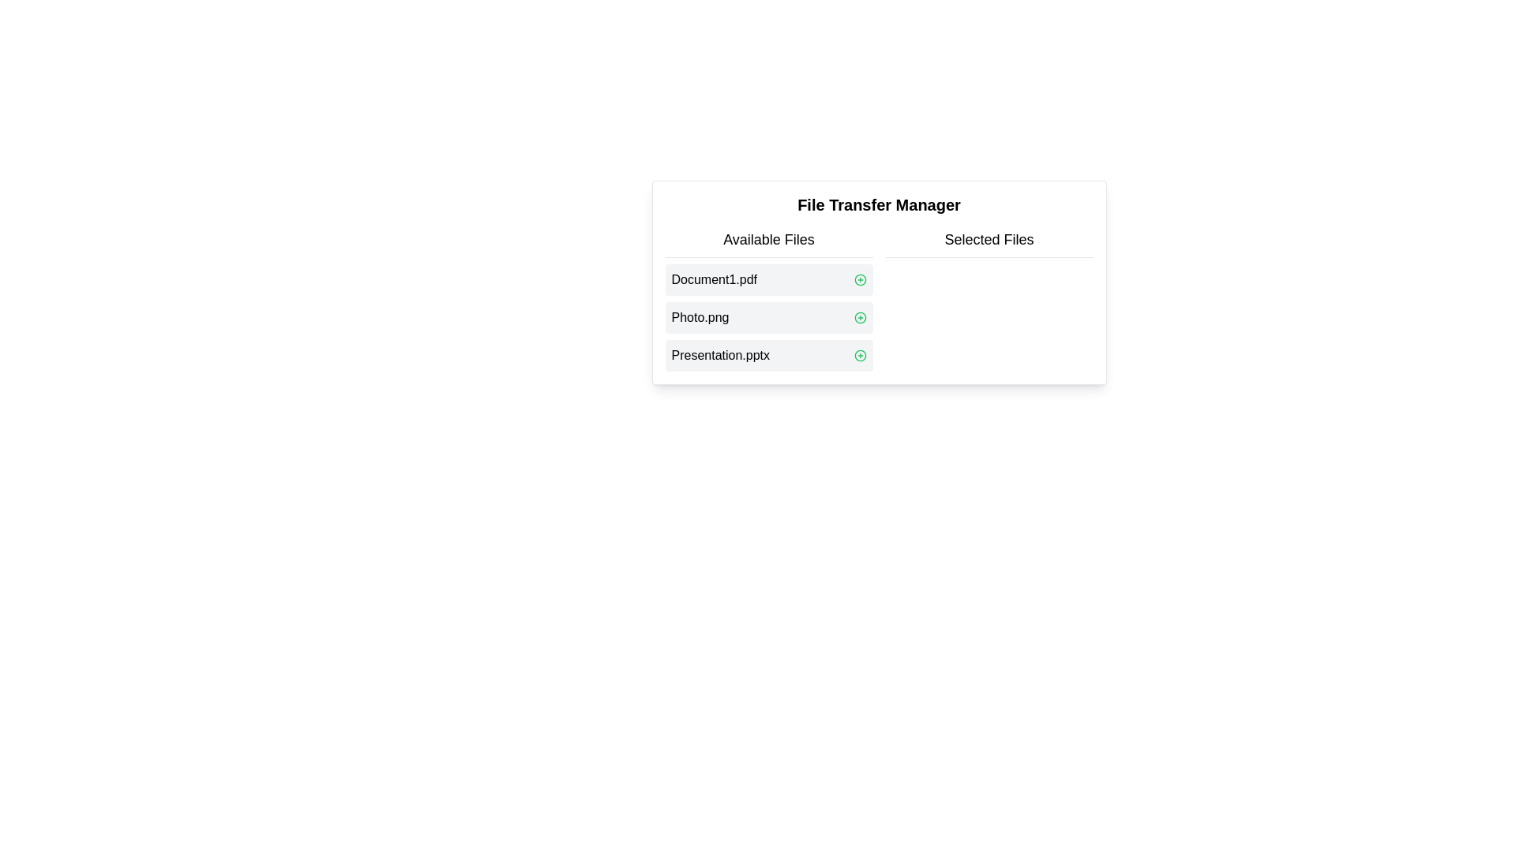 The width and height of the screenshot is (1516, 852). I want to click on the Text Label that identifies the section containing files available for selection in the file manager, positioned to the left of the 'Selected Files' header, so click(769, 243).